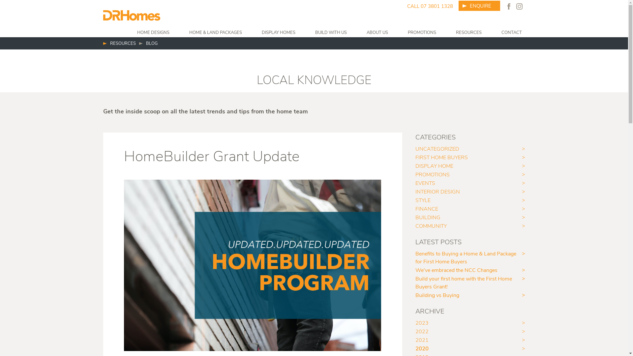 The image size is (633, 356). I want to click on 'DISPLAY HOMES', so click(278, 33).